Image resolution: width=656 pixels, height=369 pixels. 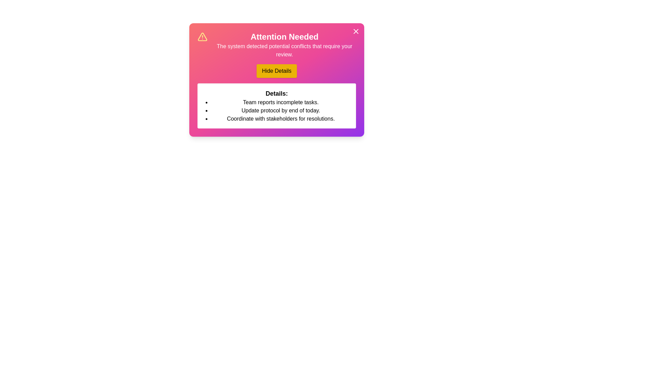 I want to click on the close button to close the alert, so click(x=355, y=31).